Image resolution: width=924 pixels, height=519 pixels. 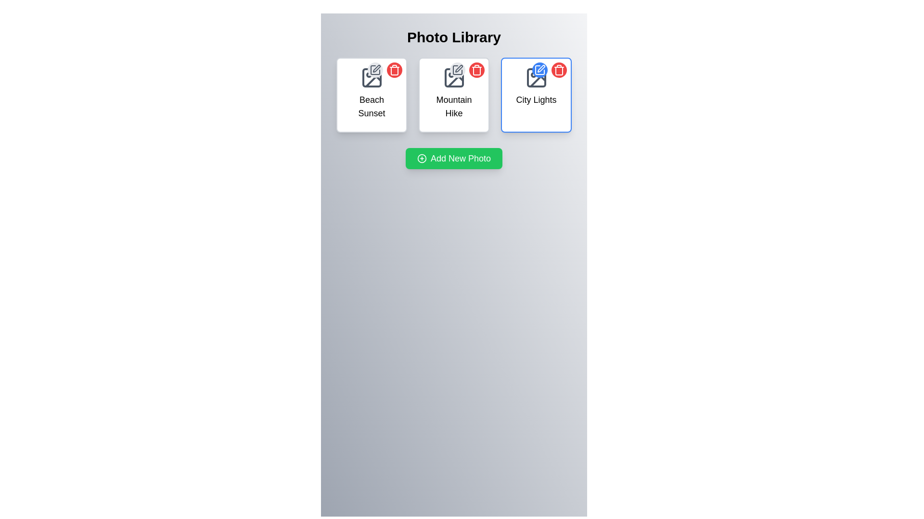 What do you see at coordinates (540, 70) in the screenshot?
I see `the distinctive outlined square icon located in the upper-right corner of the 'City Lights' card to interact with it` at bounding box center [540, 70].